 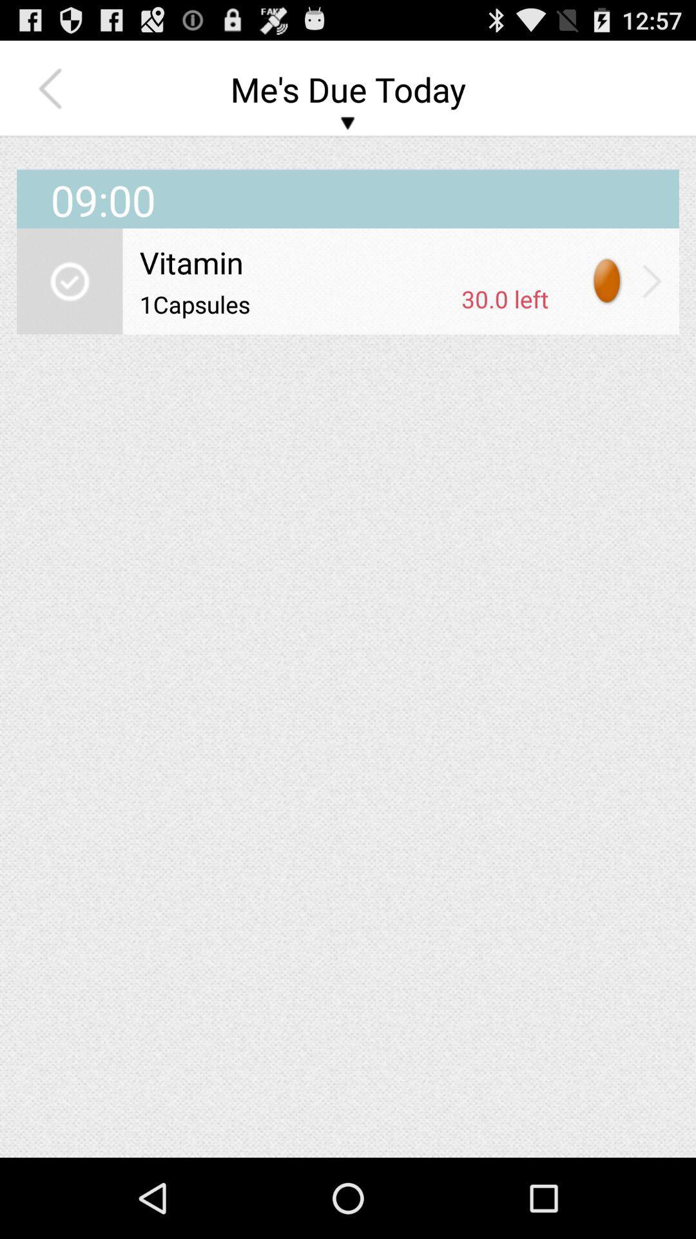 I want to click on the app to the left of the me s due item, so click(x=53, y=88).